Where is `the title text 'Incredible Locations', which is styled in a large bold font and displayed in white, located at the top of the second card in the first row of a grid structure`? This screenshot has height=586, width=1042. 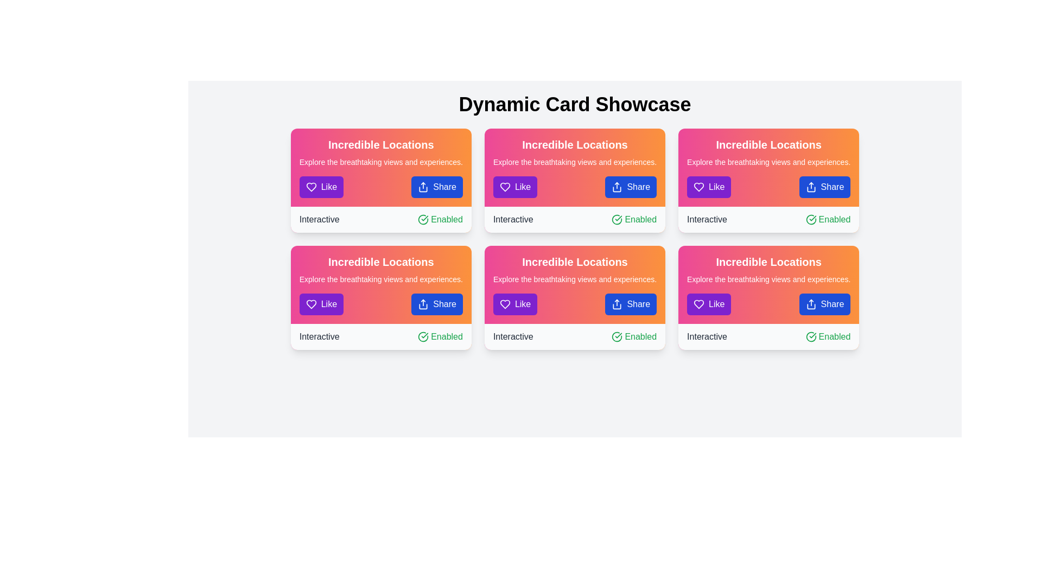
the title text 'Incredible Locations', which is styled in a large bold font and displayed in white, located at the top of the second card in the first row of a grid structure is located at coordinates (768, 262).